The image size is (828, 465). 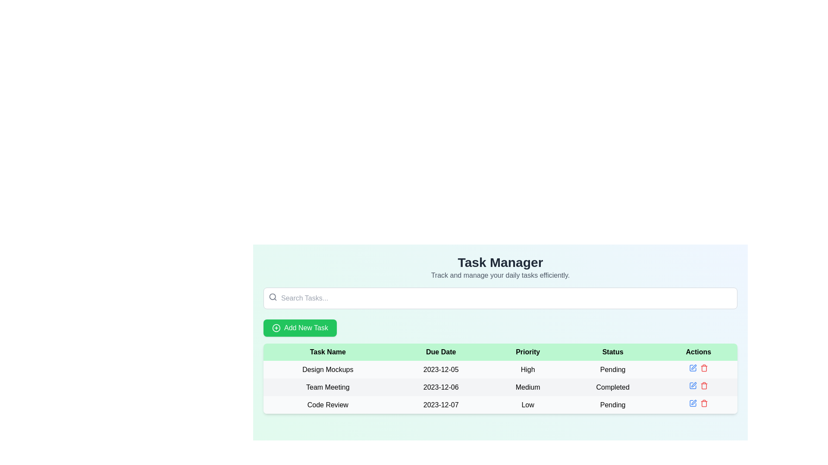 What do you see at coordinates (500, 405) in the screenshot?
I see `the third row of the task management table that contains the elements 'Code Review', '2023-12-07', 'Low', and 'Pending'` at bounding box center [500, 405].